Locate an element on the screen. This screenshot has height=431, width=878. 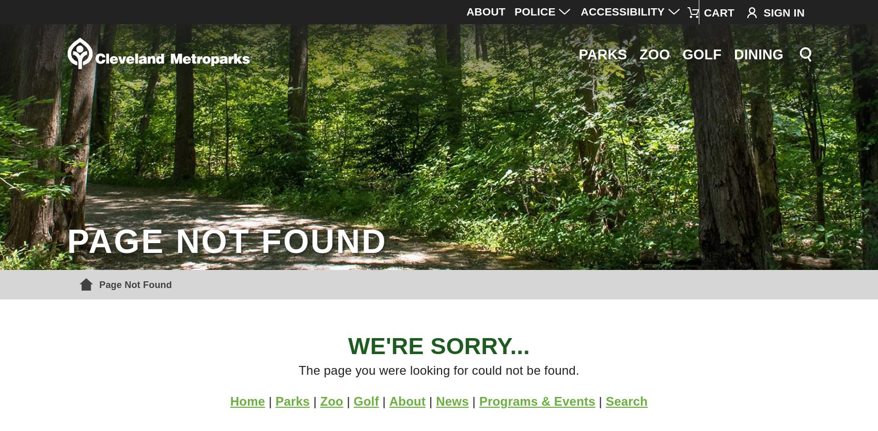
'About' is located at coordinates (388, 401).